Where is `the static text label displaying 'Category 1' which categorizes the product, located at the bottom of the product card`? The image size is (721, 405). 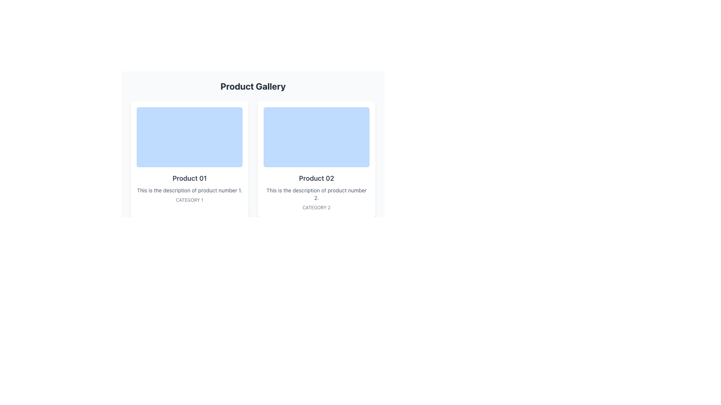
the static text label displaying 'Category 1' which categorizes the product, located at the bottom of the product card is located at coordinates (189, 199).